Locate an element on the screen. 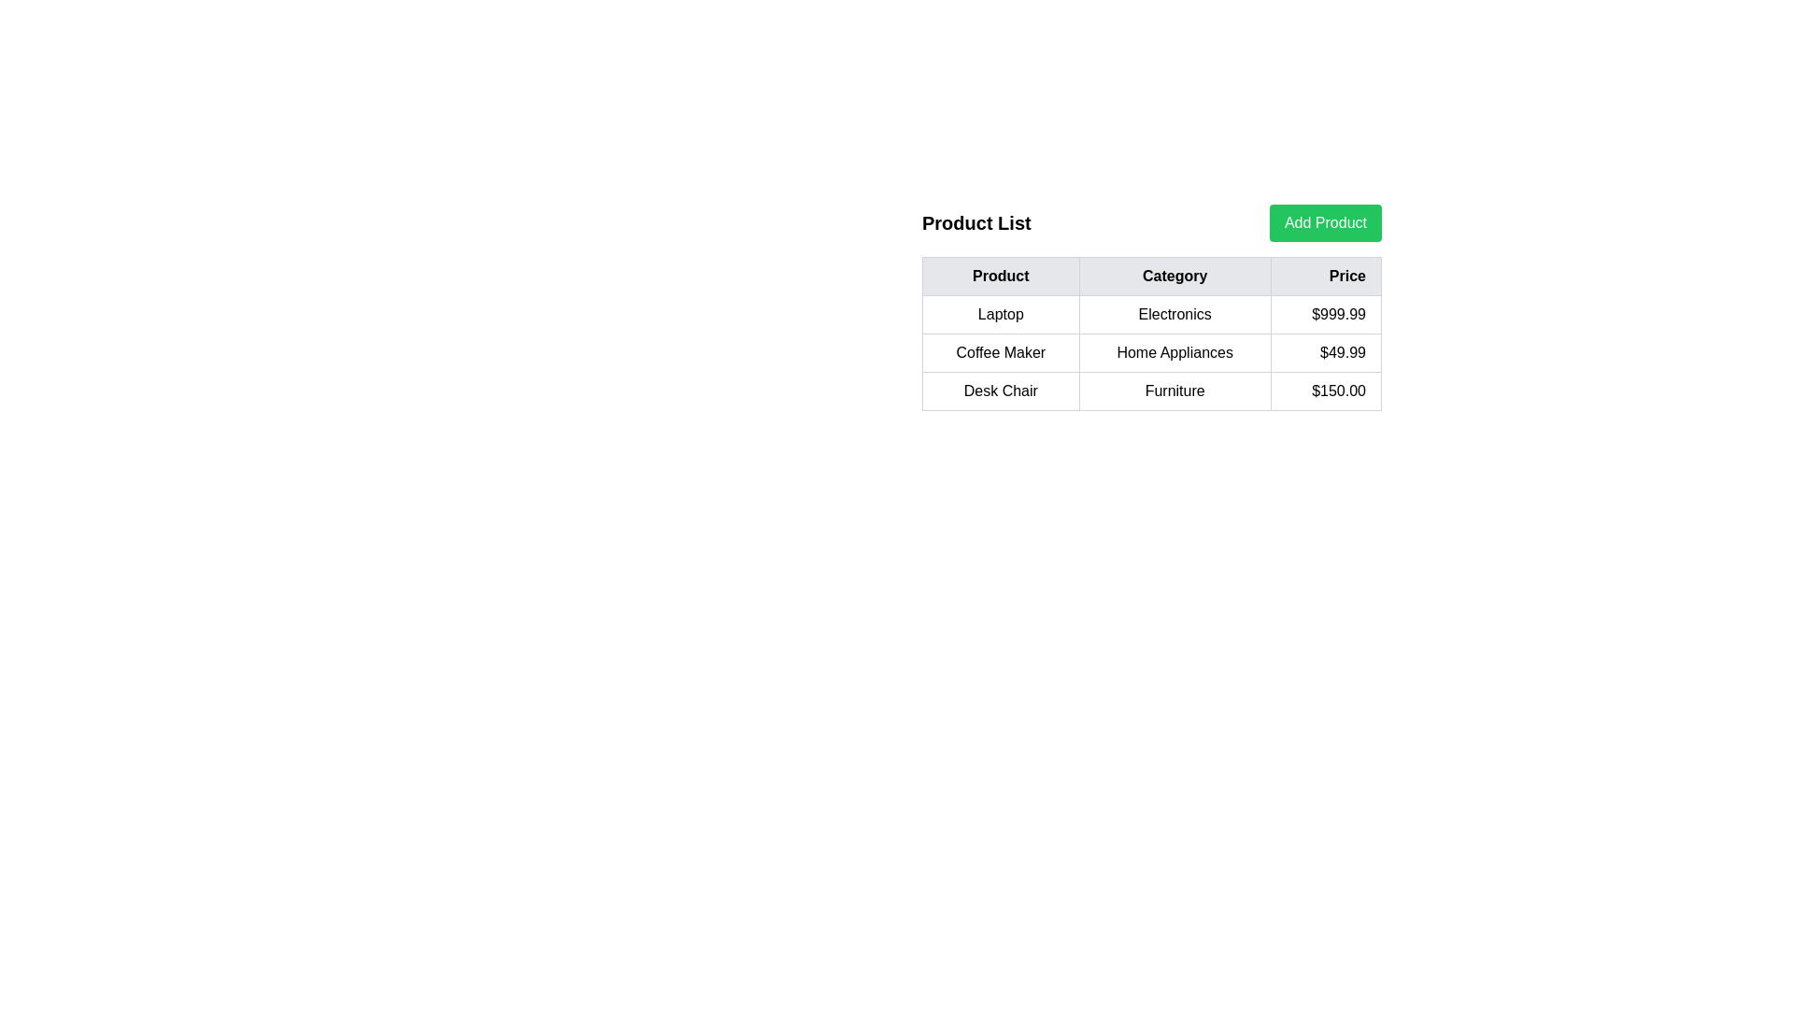 This screenshot has height=1009, width=1794. the 'Price' table header cell to sort the corresponding column data is located at coordinates (1325, 277).